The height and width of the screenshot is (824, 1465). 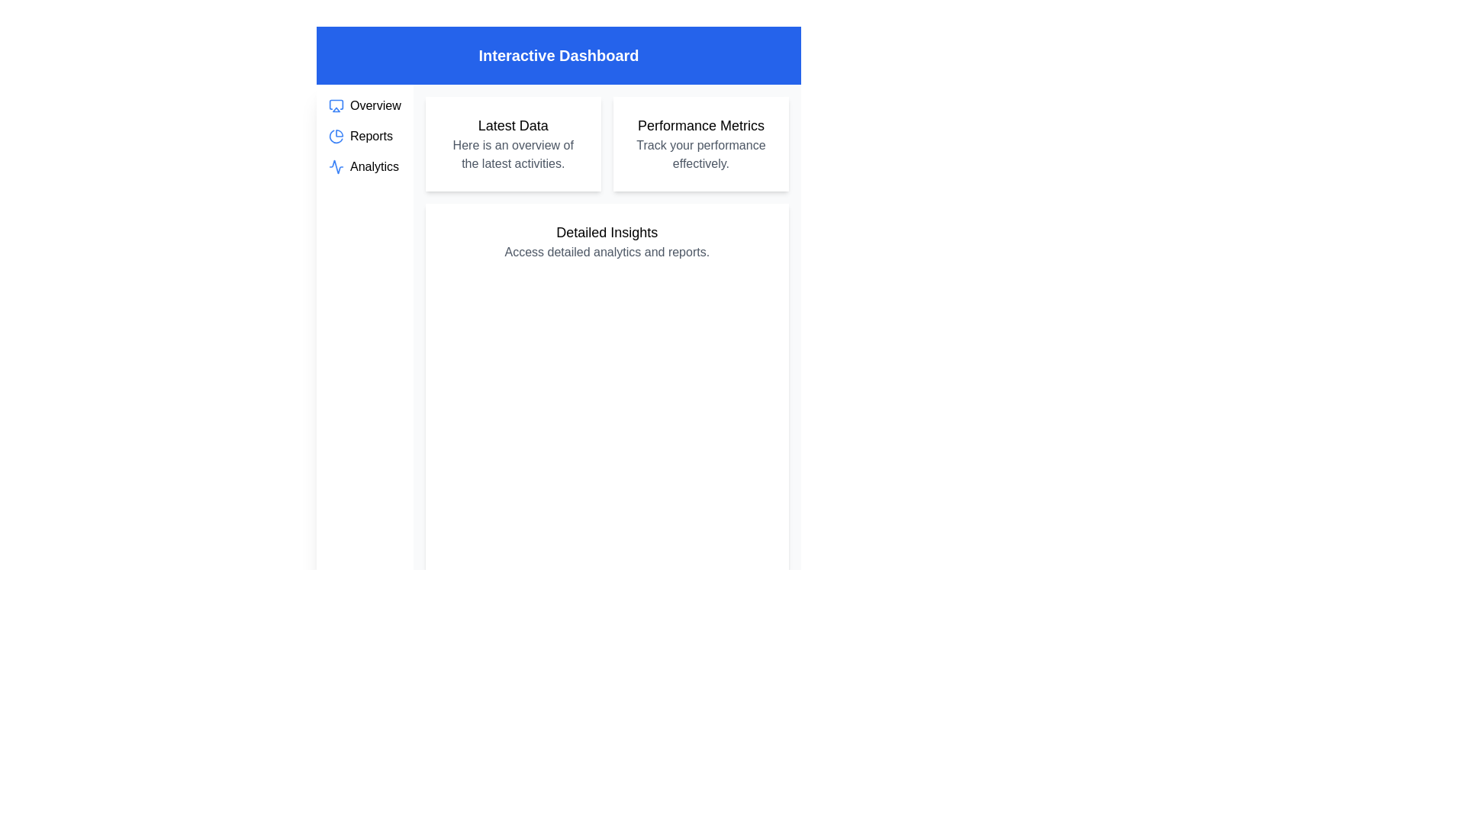 What do you see at coordinates (606, 252) in the screenshot?
I see `static text element that displays 'Access detailed analytics and reports.' positioned below the heading 'Detailed Insights'` at bounding box center [606, 252].